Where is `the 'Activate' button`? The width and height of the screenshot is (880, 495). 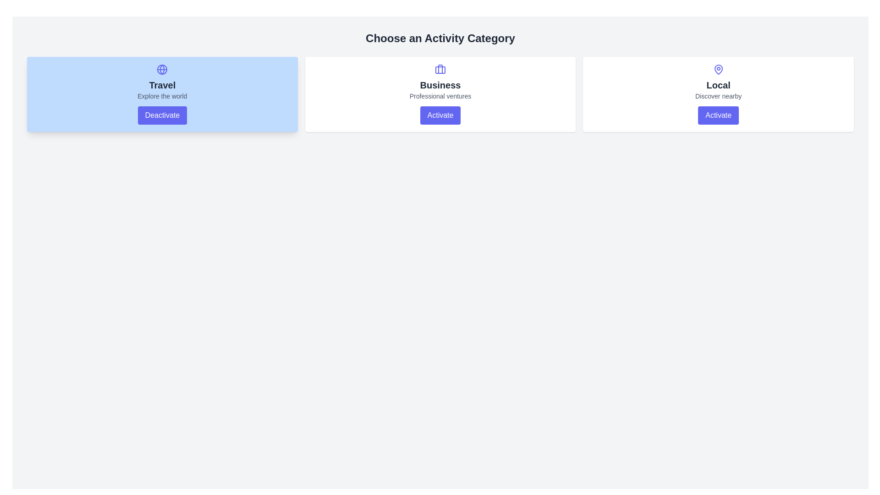 the 'Activate' button is located at coordinates (440, 115).